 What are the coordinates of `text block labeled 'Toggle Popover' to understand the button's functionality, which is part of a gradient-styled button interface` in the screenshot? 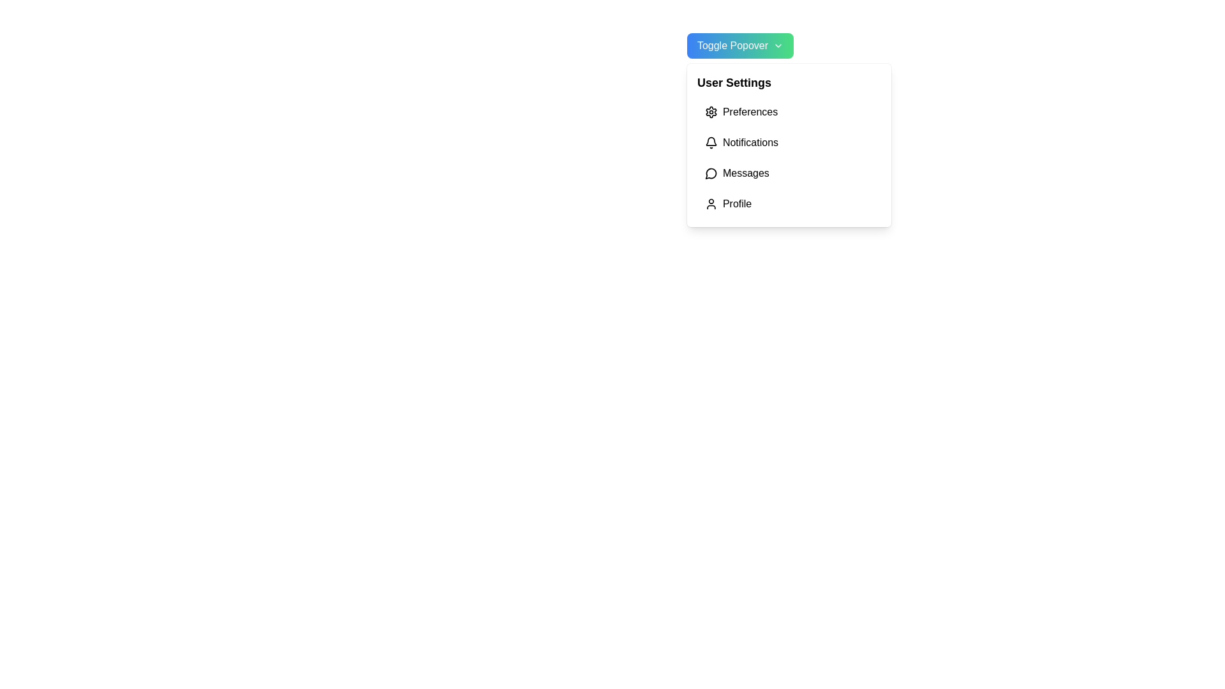 It's located at (732, 45).